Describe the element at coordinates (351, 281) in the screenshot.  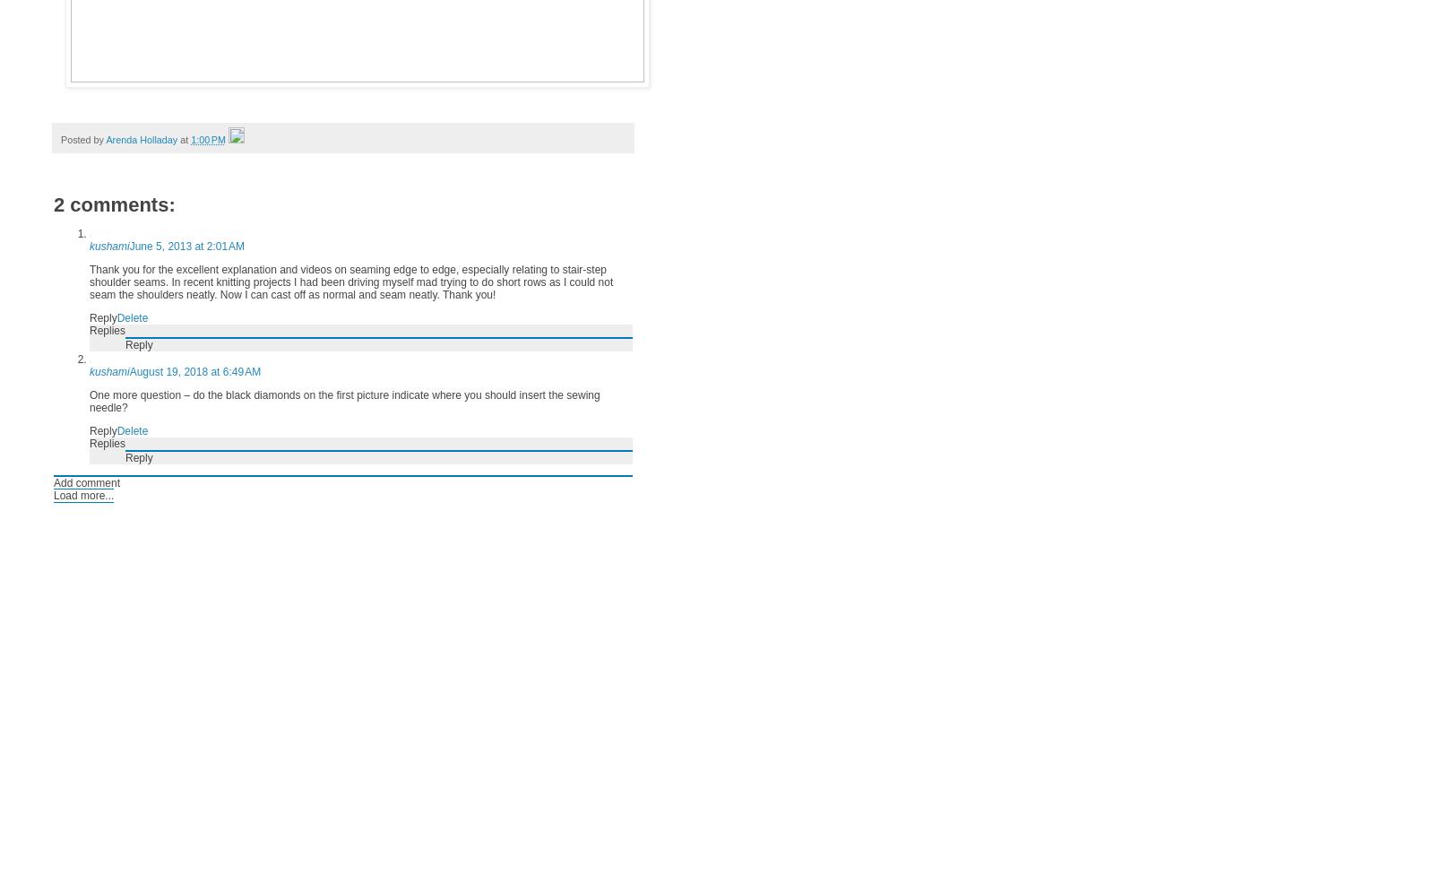
I see `'Thank you for the excellent explanation and videos on seaming edge to edge, especially relating to stair-step shoulder seams. In recent knitting projects I had been driving myself mad trying to do short rows as I could not seam the shoulders neatly. Now I can cast off as normal and seam neatly. Thank you!'` at that location.